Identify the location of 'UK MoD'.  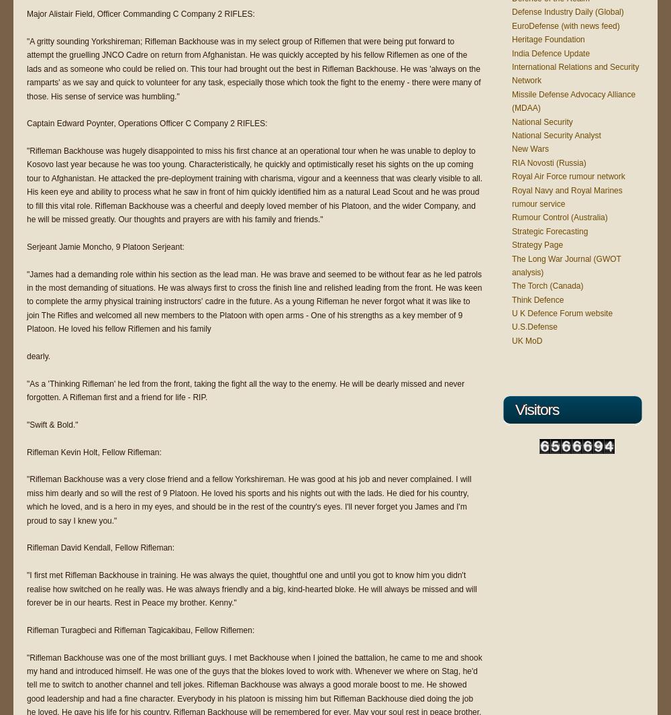
(527, 340).